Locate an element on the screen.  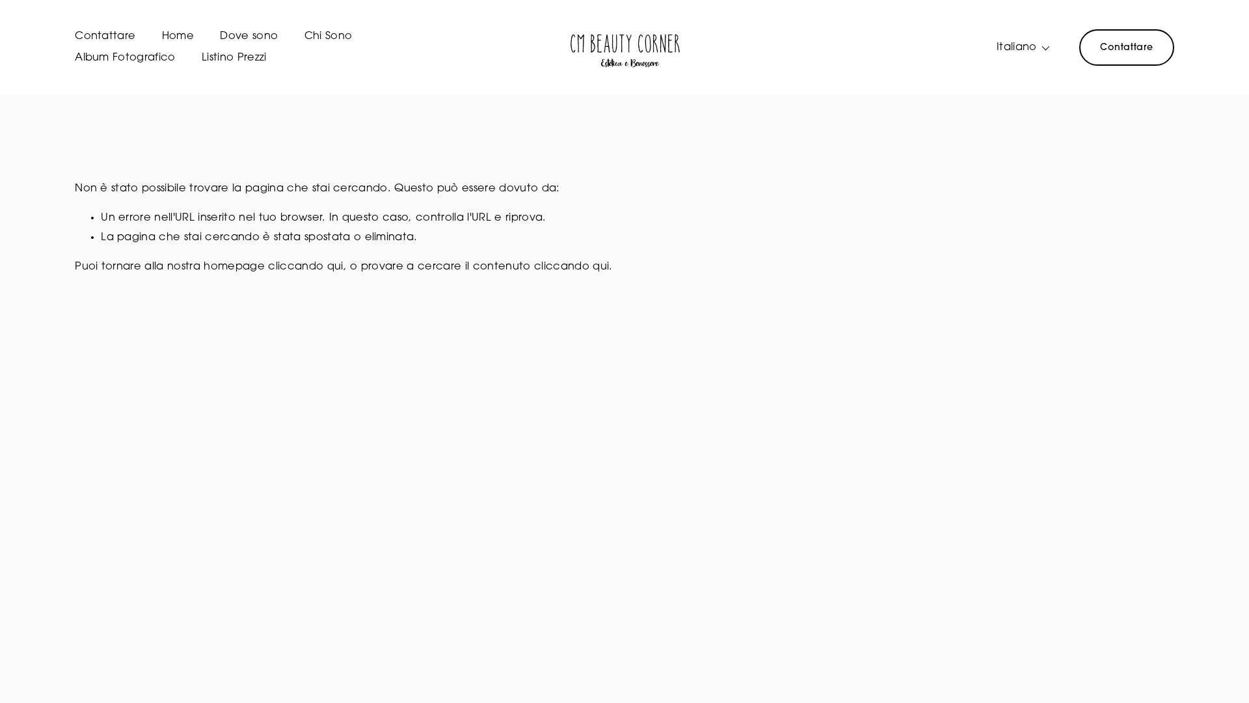
'Album Fotografico' is located at coordinates (125, 57).